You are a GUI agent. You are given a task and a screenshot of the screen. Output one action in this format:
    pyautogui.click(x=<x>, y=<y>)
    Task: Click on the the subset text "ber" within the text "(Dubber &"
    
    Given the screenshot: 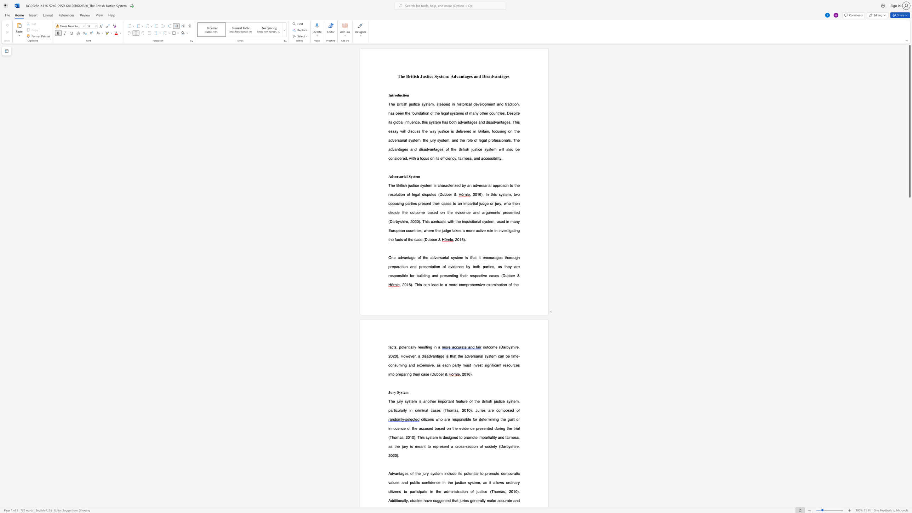 What is the action you would take?
    pyautogui.click(x=432, y=239)
    